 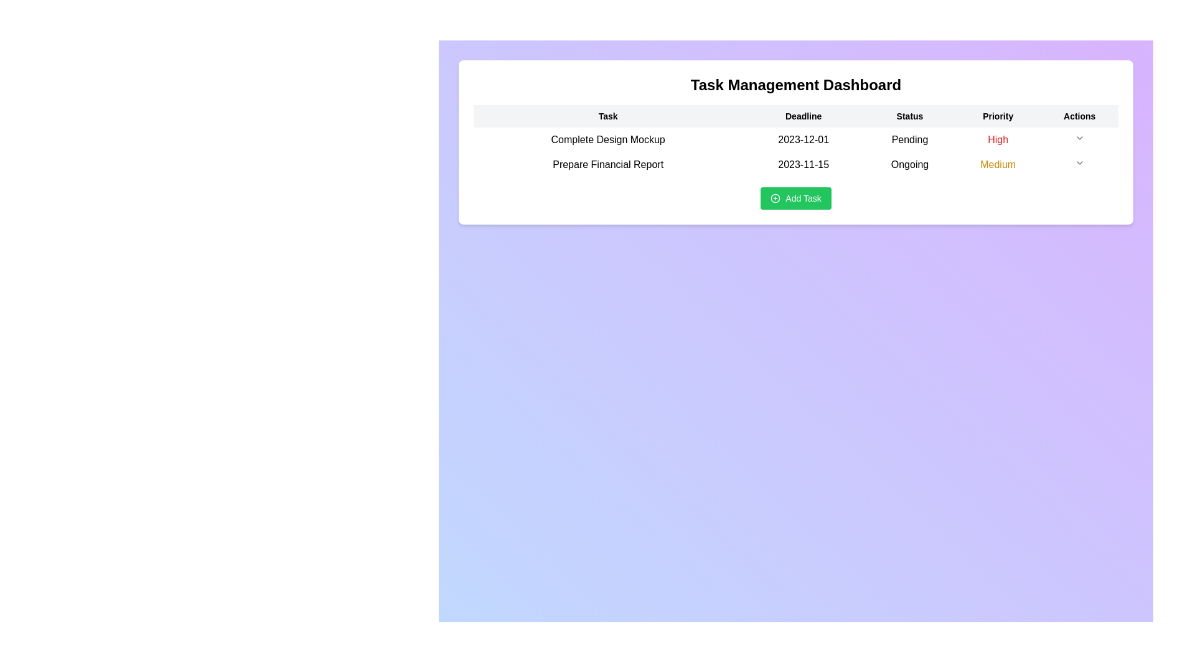 I want to click on the text label displaying the date '2023-12-01' in the 'Deadline' column of the task management table, which corresponds to the 'Complete Design Mockup' task, so click(x=804, y=139).